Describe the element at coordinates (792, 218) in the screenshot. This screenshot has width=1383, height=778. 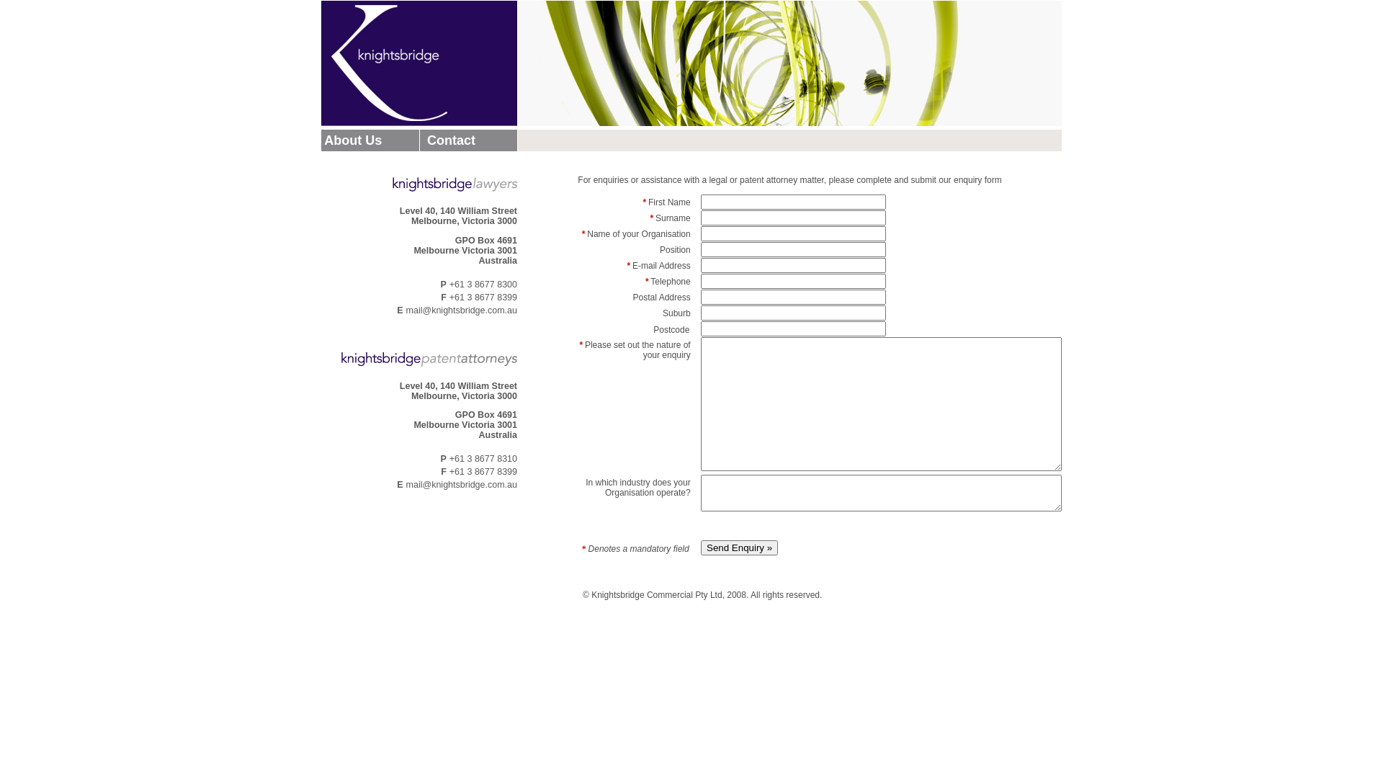
I see `'Surname'` at that location.